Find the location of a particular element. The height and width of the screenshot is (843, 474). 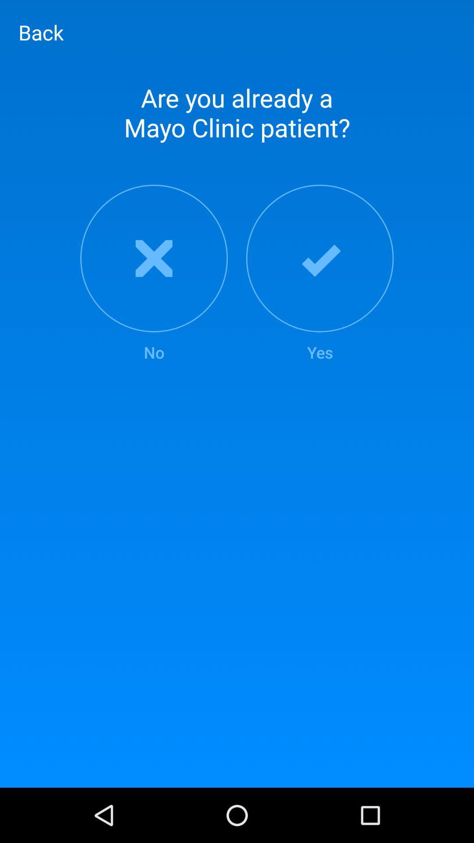

the icon above are you already icon is located at coordinates (41, 32).